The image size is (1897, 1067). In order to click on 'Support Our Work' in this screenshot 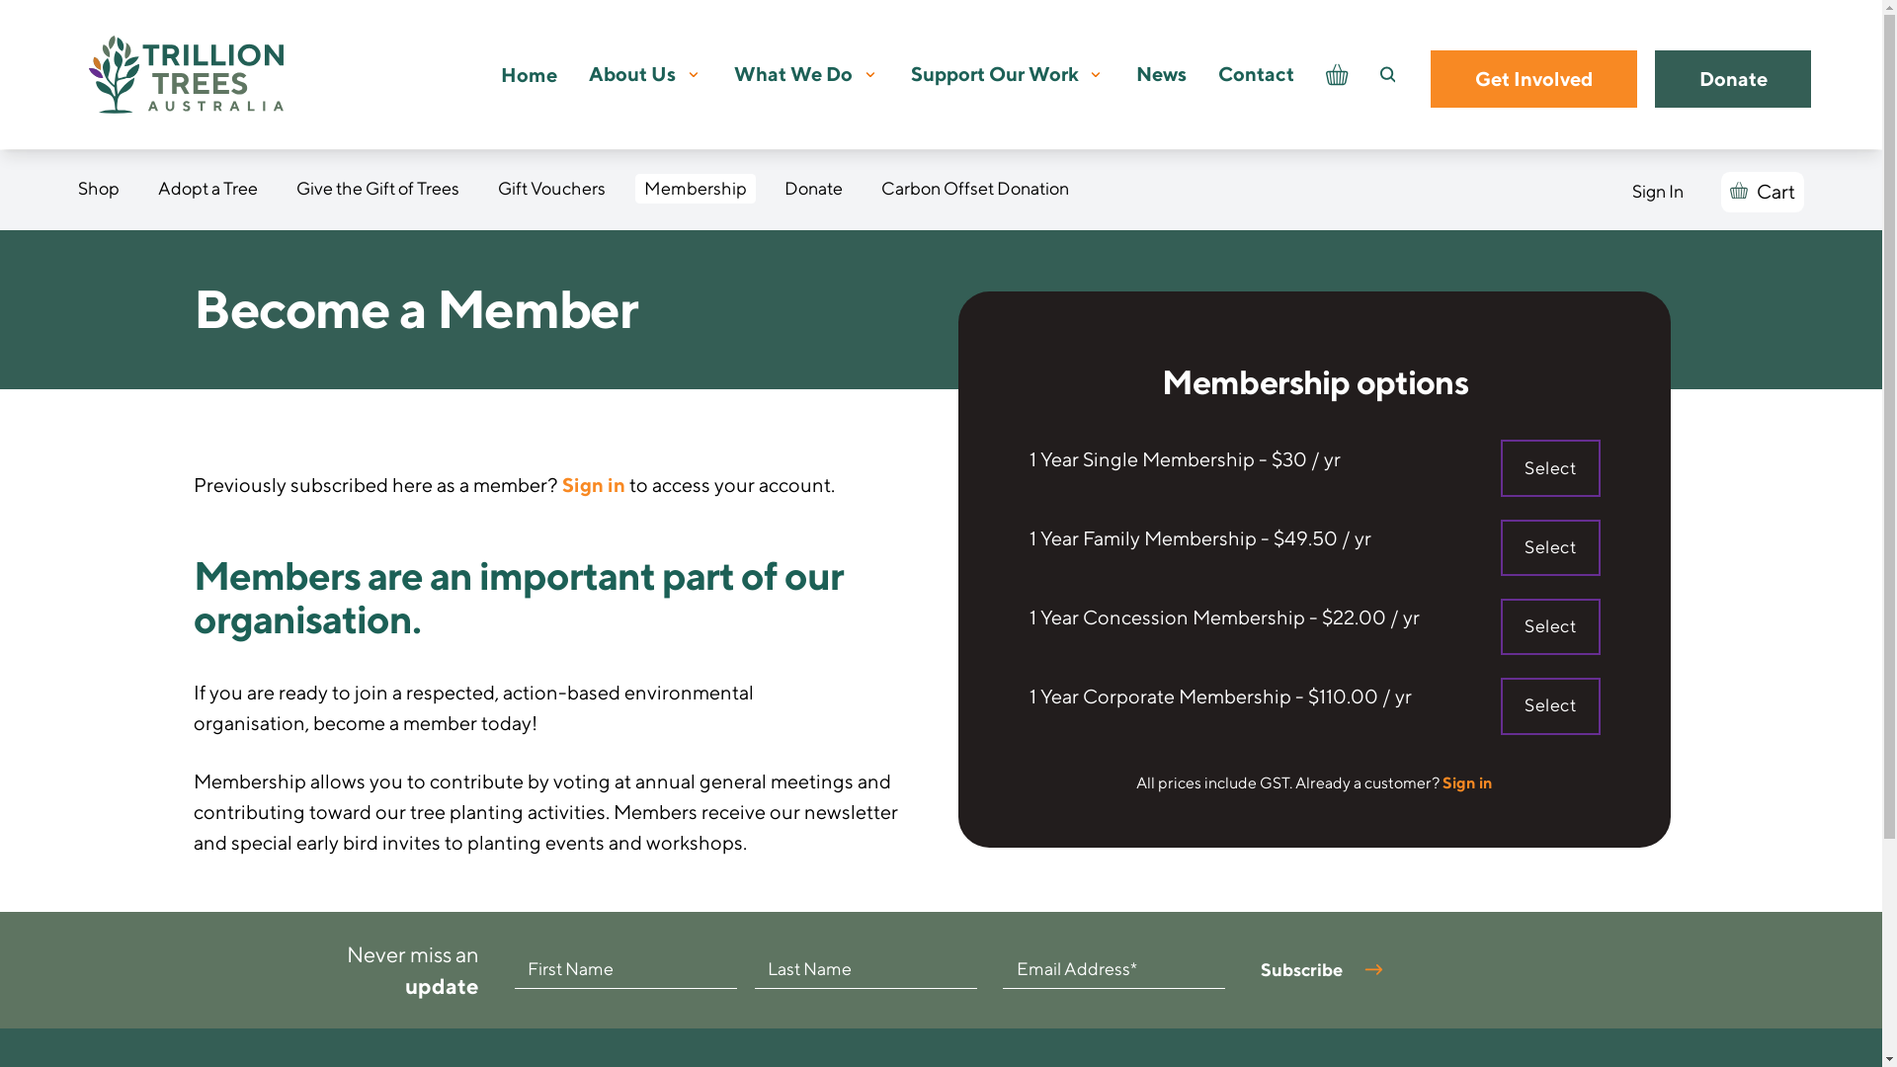, I will do `click(995, 73)`.